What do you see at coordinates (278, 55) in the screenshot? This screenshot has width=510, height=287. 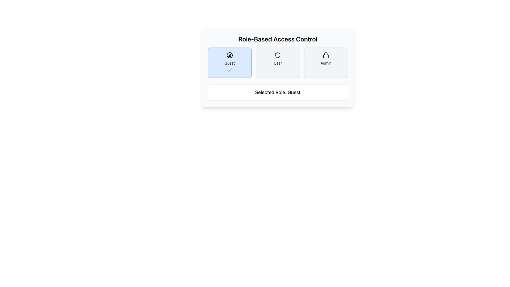 I see `the shield icon representing user protection in the 'User' selection section of the role menu` at bounding box center [278, 55].